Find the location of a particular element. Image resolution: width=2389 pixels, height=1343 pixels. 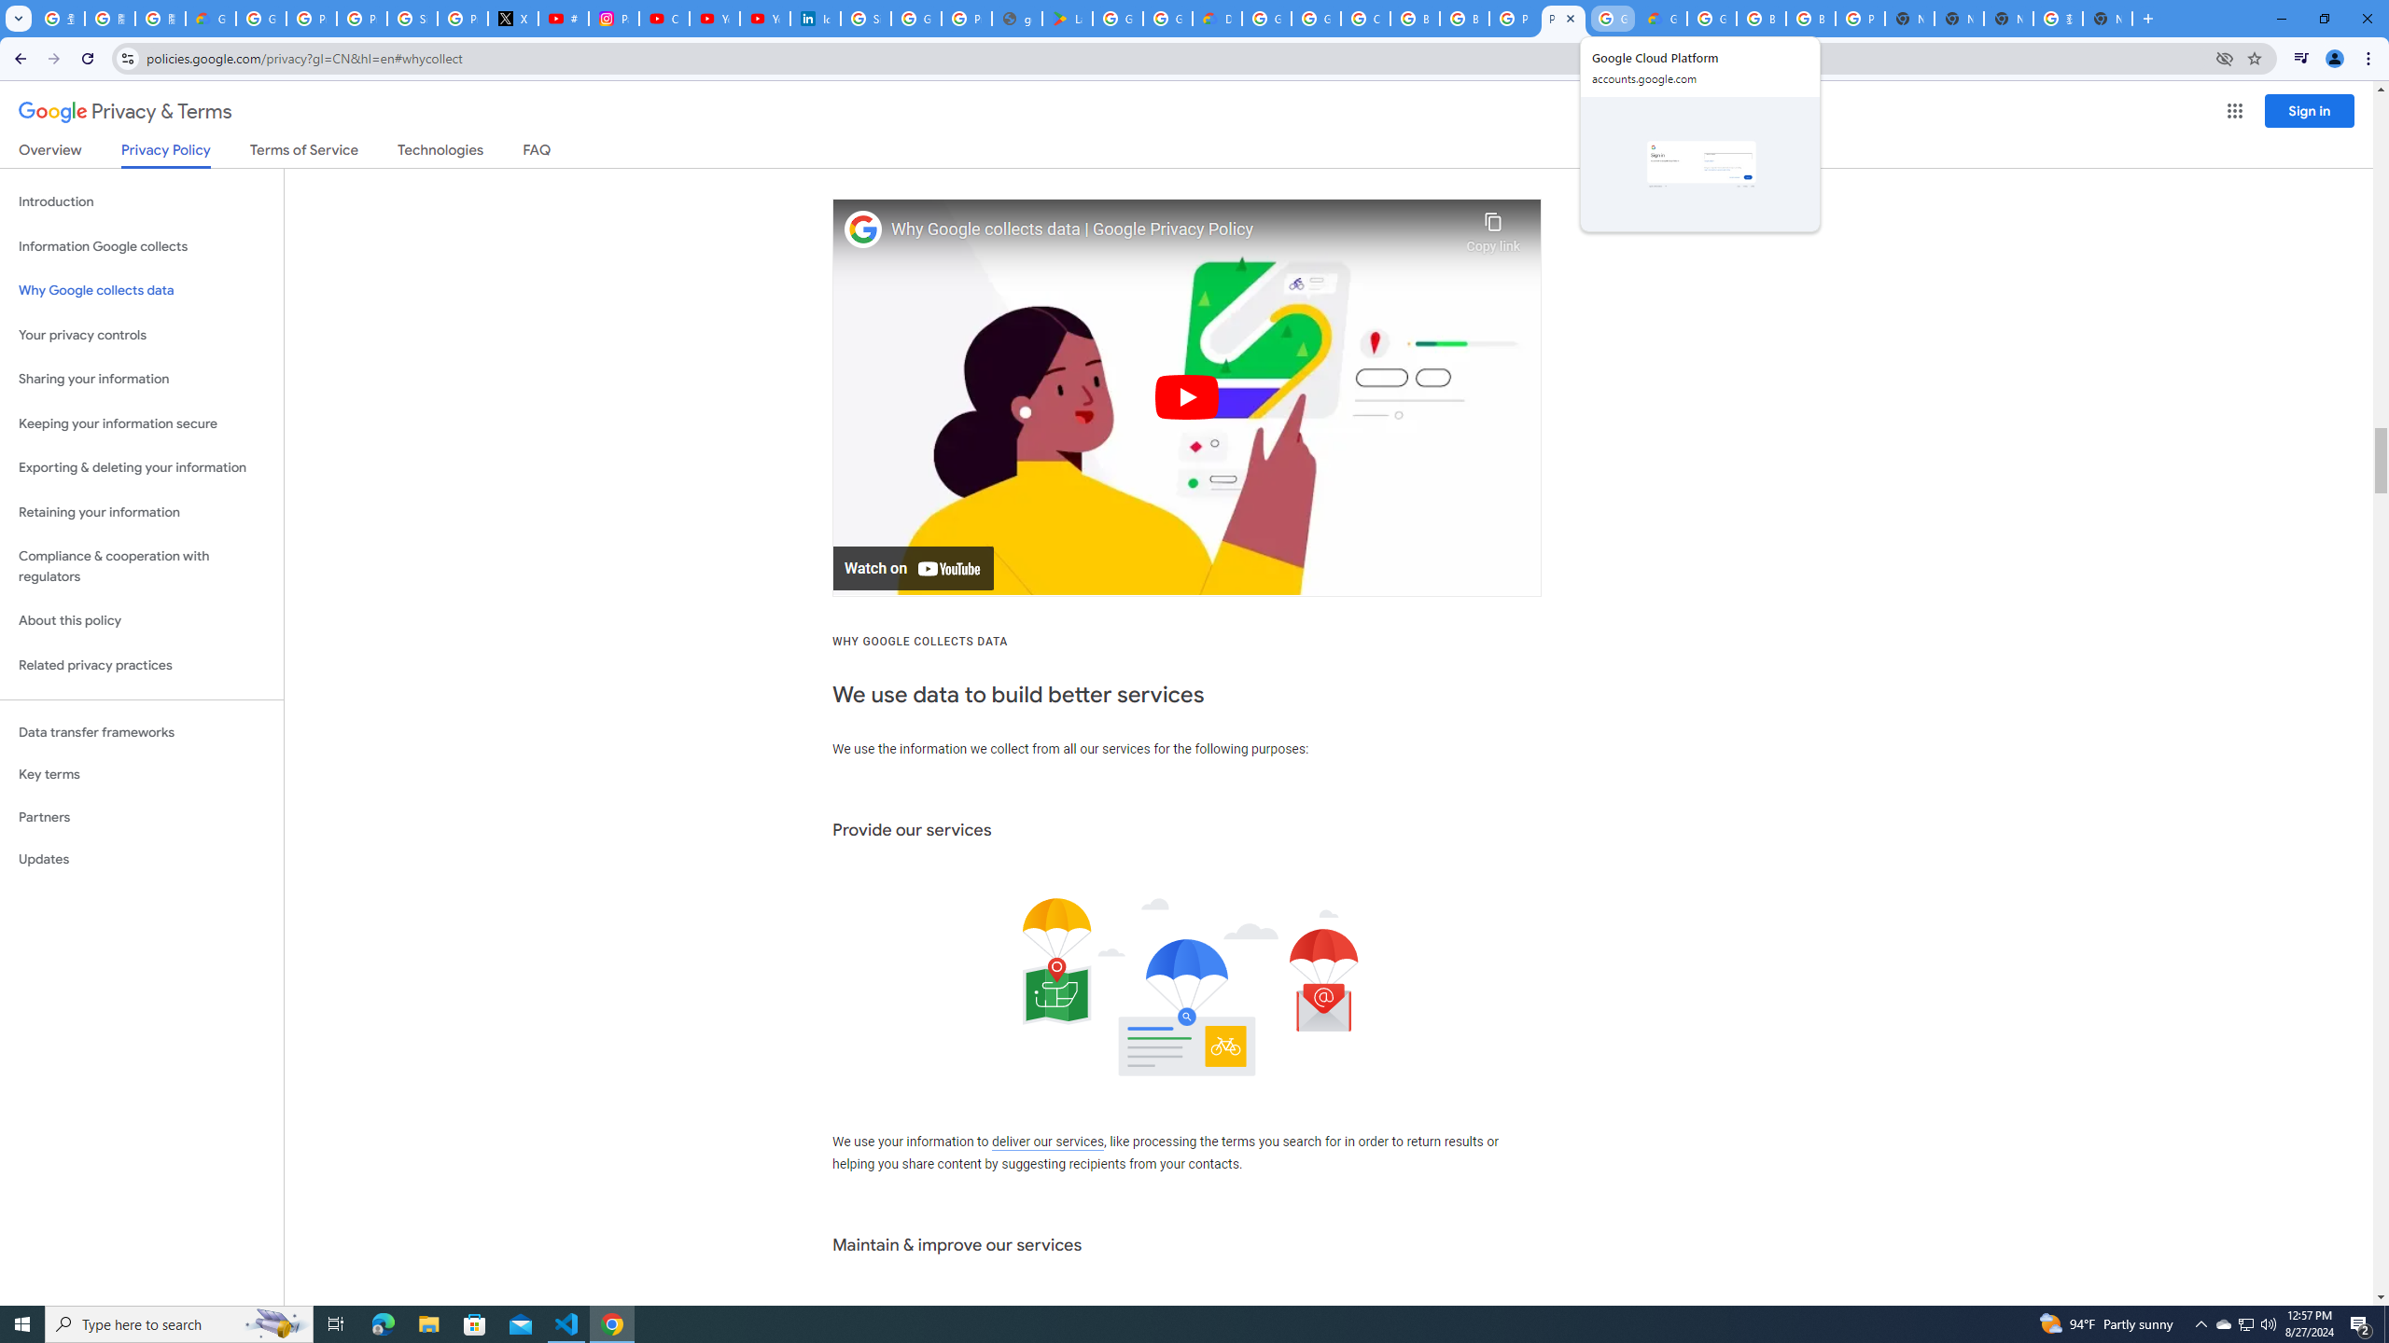

'Terms of Service' is located at coordinates (303, 153).